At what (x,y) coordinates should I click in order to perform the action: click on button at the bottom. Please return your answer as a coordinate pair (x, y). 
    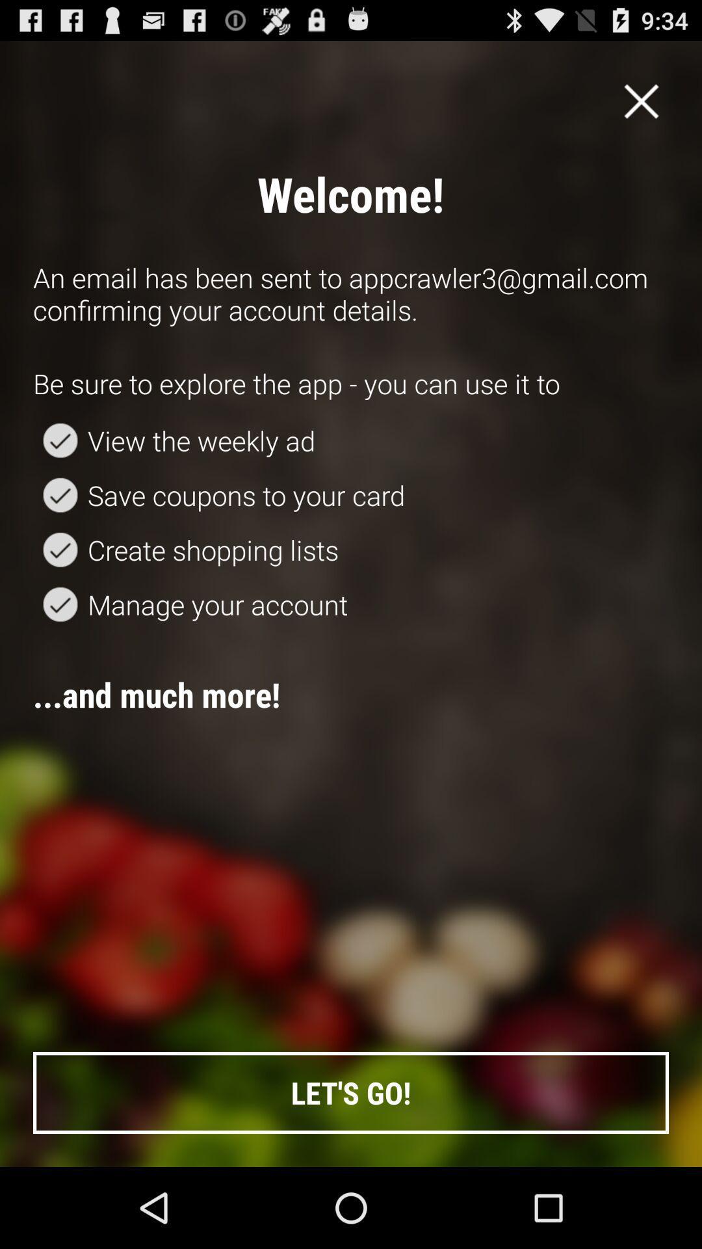
    Looking at the image, I should click on (351, 1093).